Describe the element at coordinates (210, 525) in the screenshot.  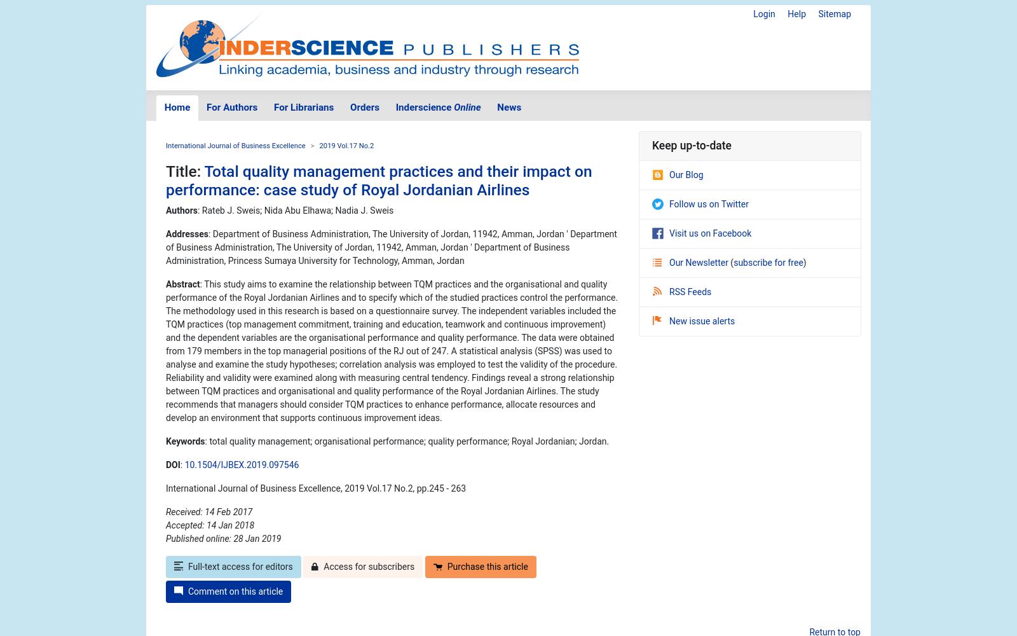
I see `'Accepted: 14 Jan 2018'` at that location.